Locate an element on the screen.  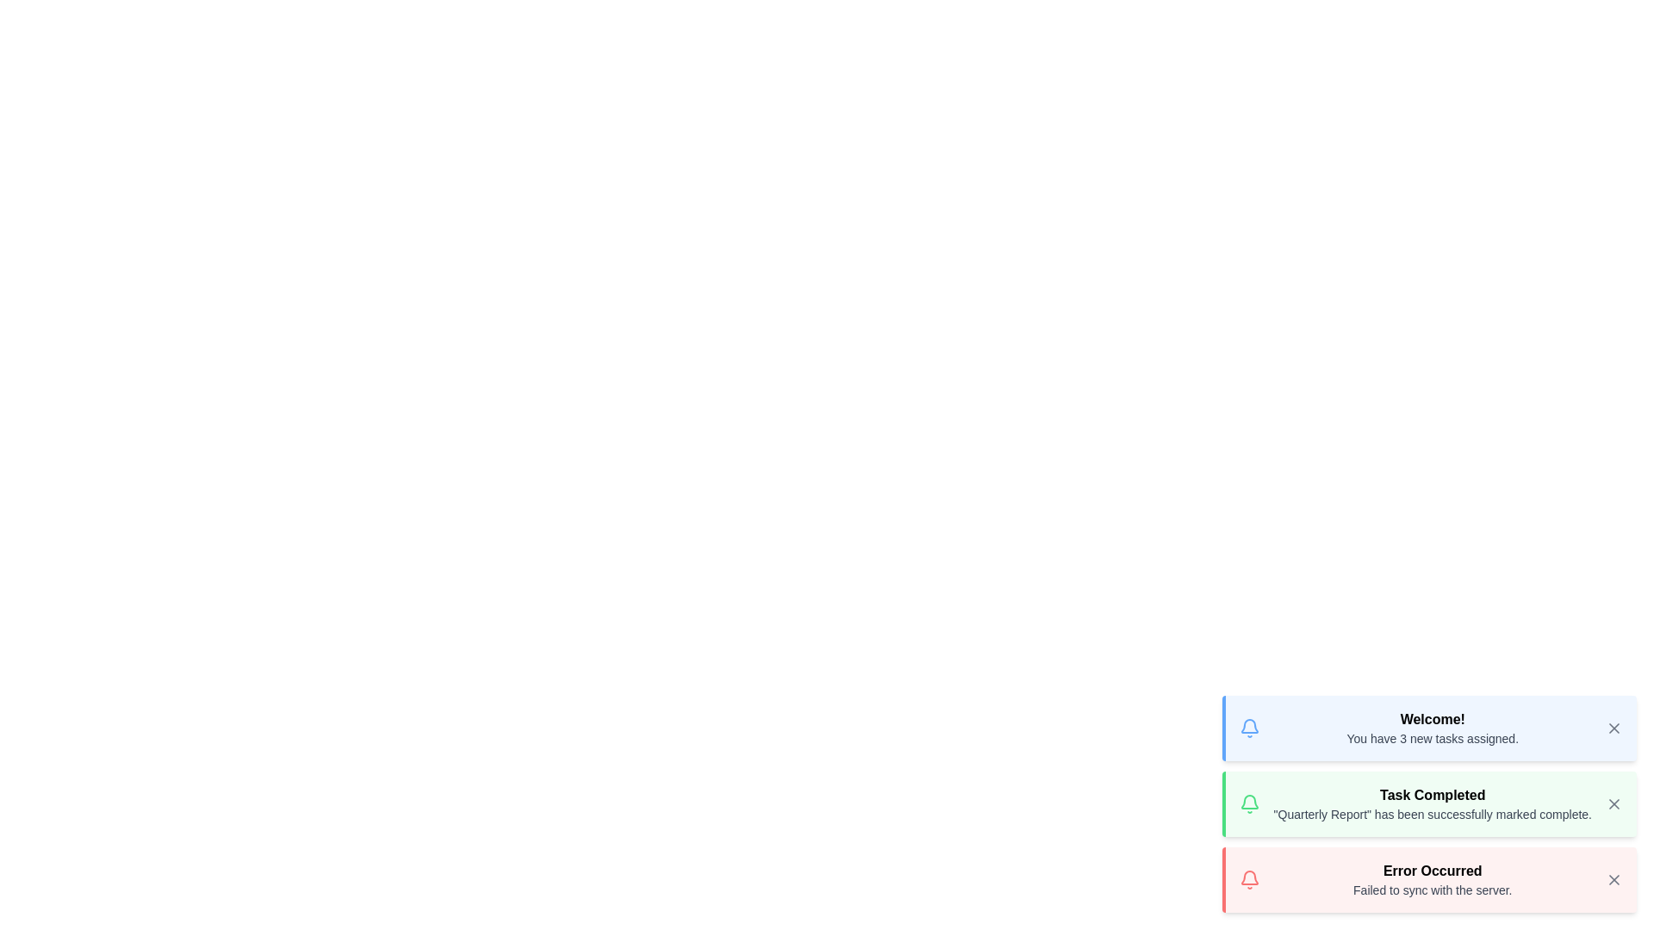
the dismiss icon button located in the upper-right corner of the notification card that indicates 'Task Completed' and displays the message 'Quarterly Report has been successfully marked complete.' is located at coordinates (1613, 803).